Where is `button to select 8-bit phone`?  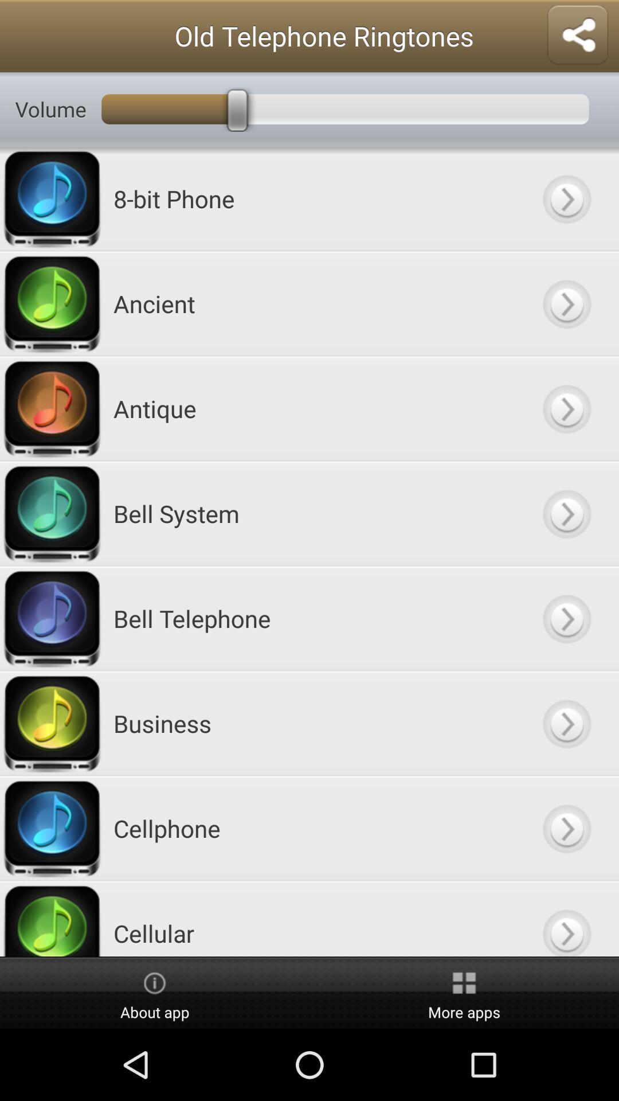 button to select 8-bit phone is located at coordinates (566, 198).